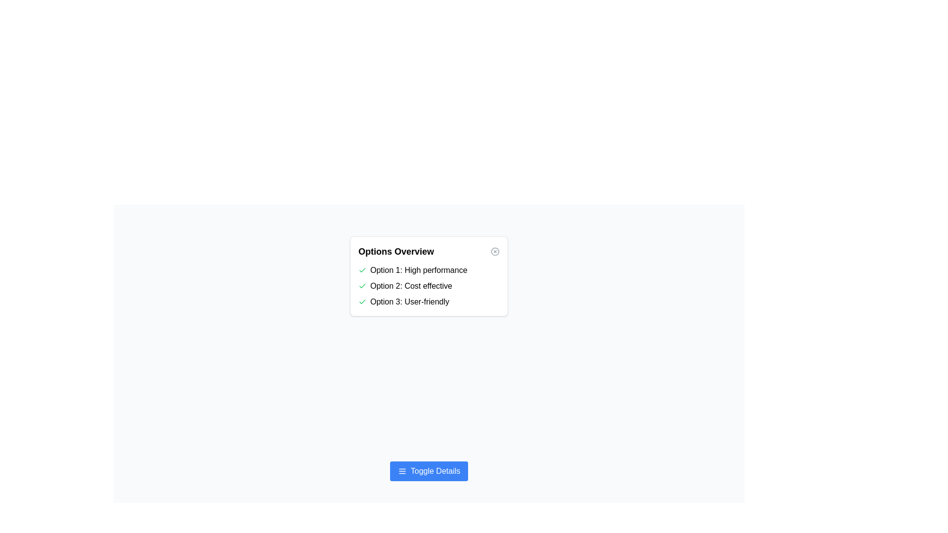  What do you see at coordinates (362, 270) in the screenshot?
I see `the green checkmark icon adjacent to the text 'Option 1: High performance' in the 'Options Overview' section to indicate selection` at bounding box center [362, 270].